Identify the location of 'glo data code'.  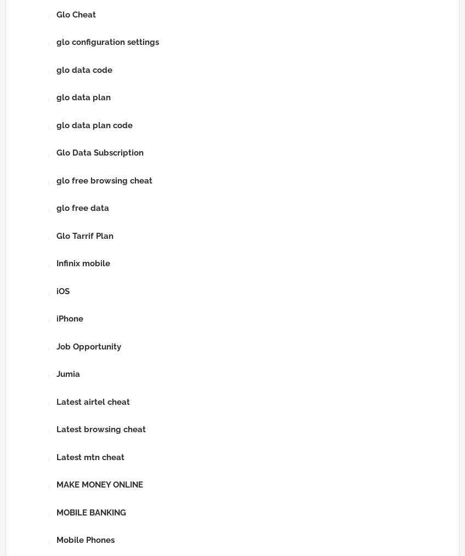
(83, 69).